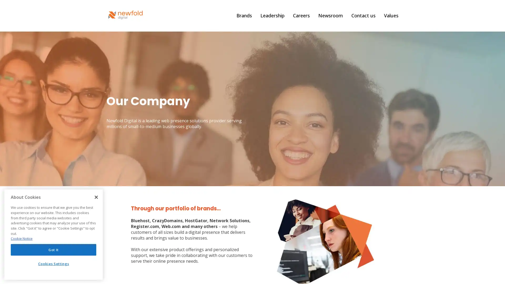 Image resolution: width=505 pixels, height=284 pixels. Describe the element at coordinates (53, 263) in the screenshot. I see `Cookies Settings` at that location.